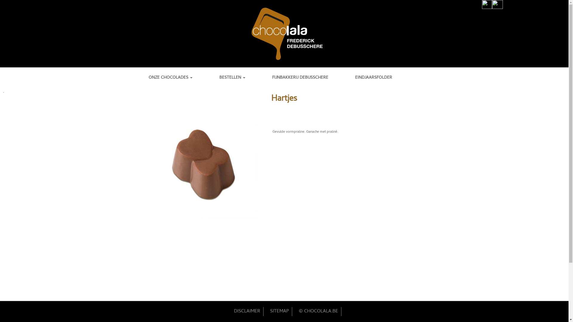 The width and height of the screenshot is (573, 322). Describe the element at coordinates (272, 78) in the screenshot. I see `'FIJNBAKKERIJ DEBUSSCHERE'` at that location.